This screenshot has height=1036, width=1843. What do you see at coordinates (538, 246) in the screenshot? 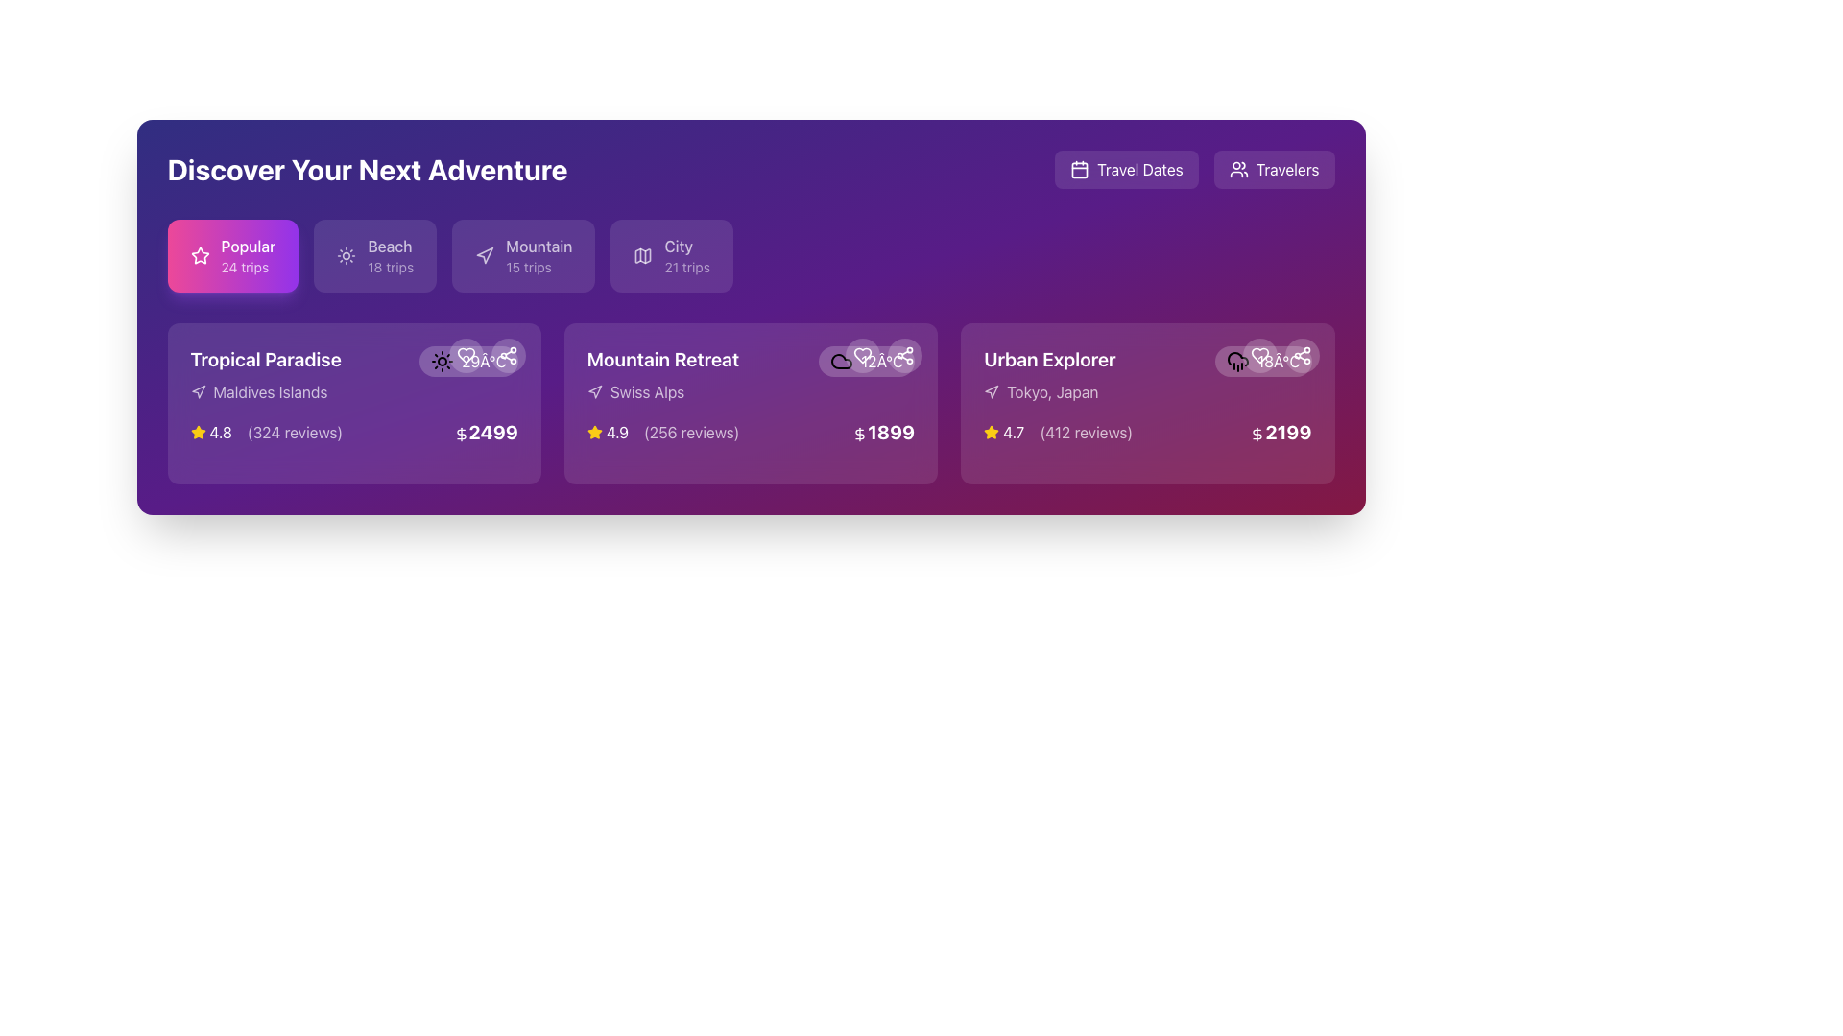
I see `text of the 'Mountain' label, which is the third tab from the left in the category tabs row, styled with a medium font weight and white color against a purple gradient background` at bounding box center [538, 246].